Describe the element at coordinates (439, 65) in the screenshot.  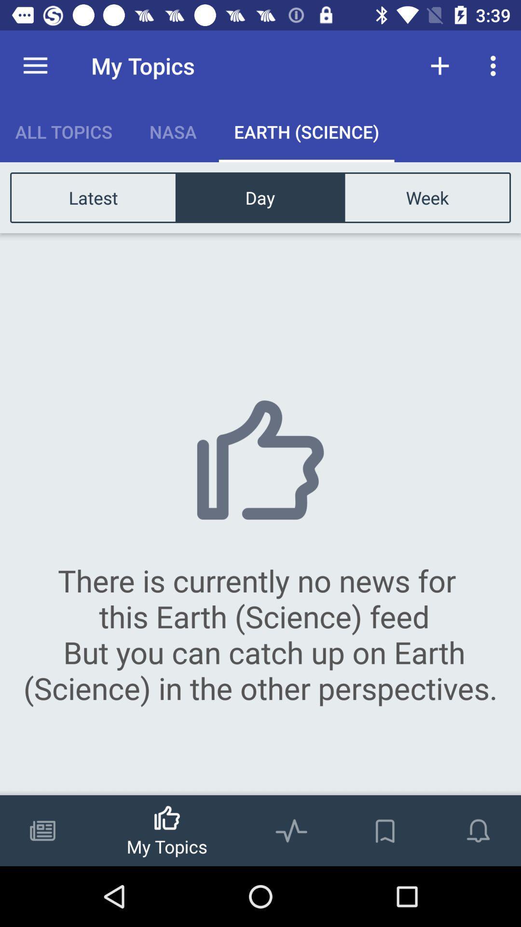
I see `the item to the right of the my topics item` at that location.